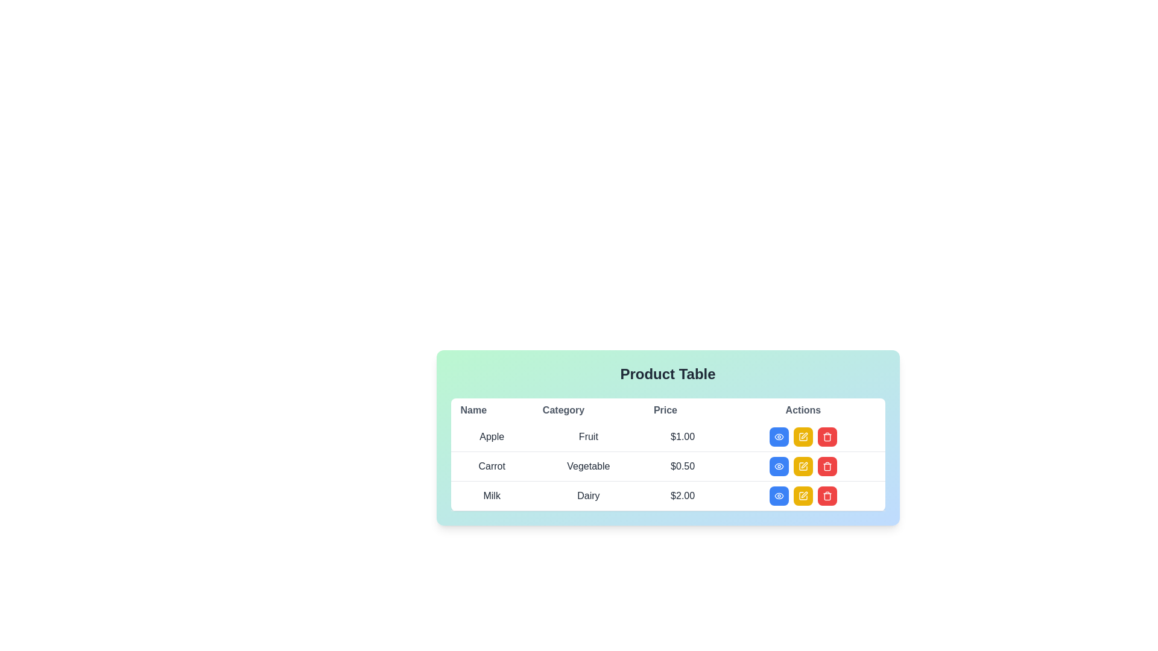 The image size is (1158, 651). I want to click on the 'Actions' column label in the table header, which is the rightmost header aligned centrally, so click(803, 410).